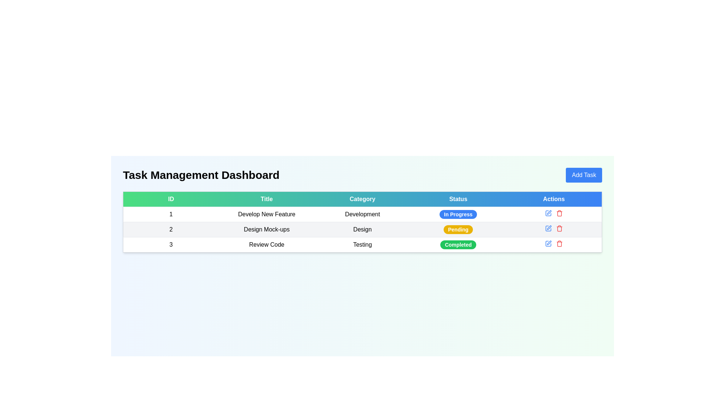  I want to click on the 'Category' column header in the table, which is the third header located between 'Title' and 'Status', so click(363, 199).